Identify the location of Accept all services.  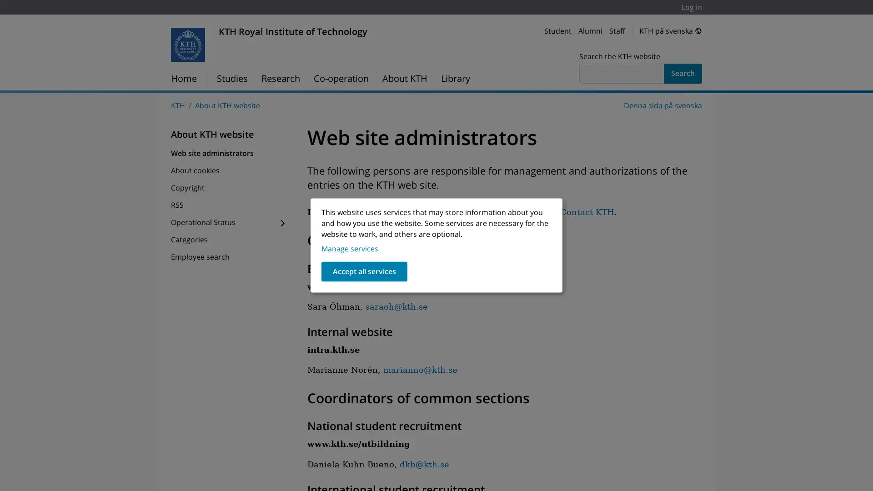
(364, 271).